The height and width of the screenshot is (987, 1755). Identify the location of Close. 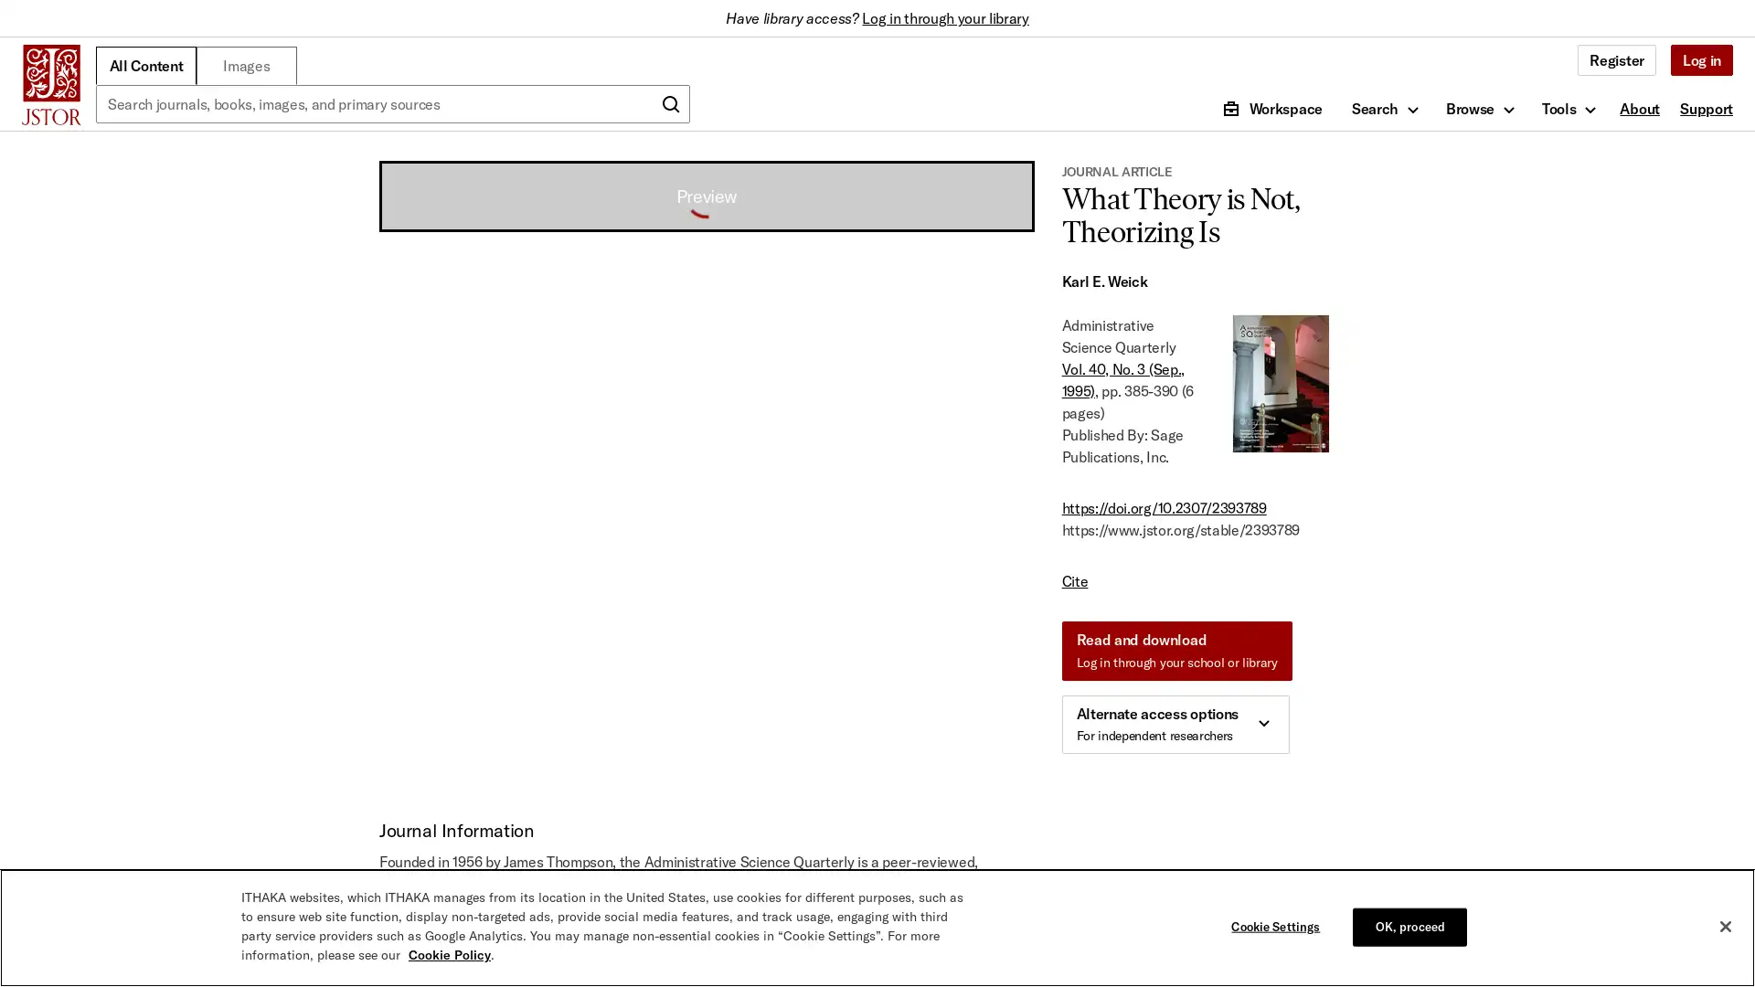
(1724, 927).